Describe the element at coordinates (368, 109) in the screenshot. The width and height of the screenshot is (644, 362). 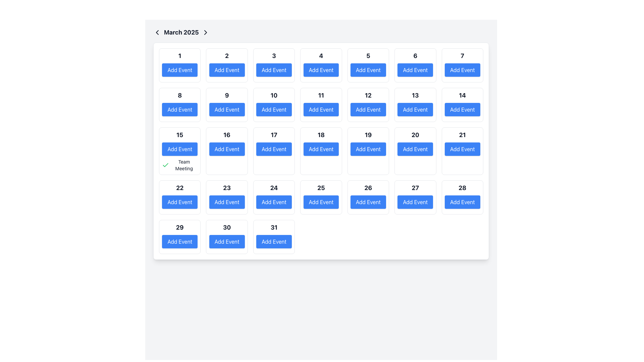
I see `the button located below the text '12' in the calendar for adding an event on March 12, 2025` at that location.